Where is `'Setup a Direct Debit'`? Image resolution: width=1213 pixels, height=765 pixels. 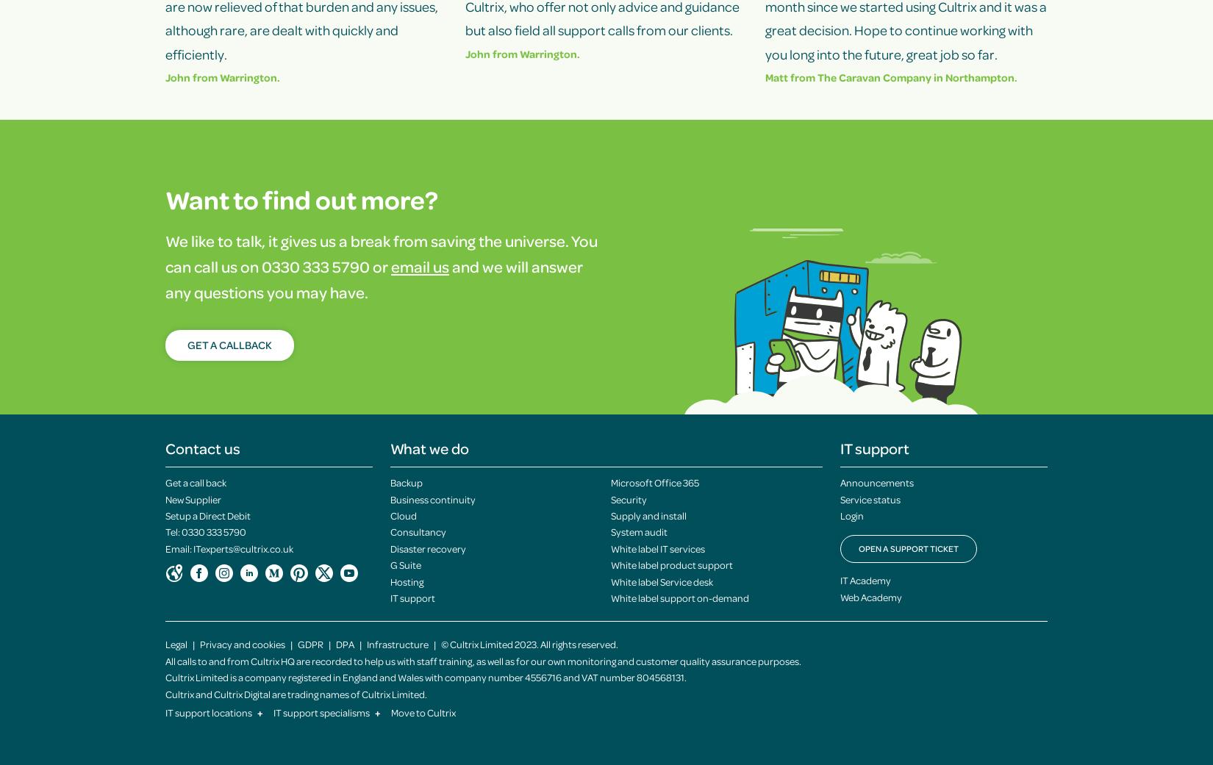 'Setup a Direct Debit' is located at coordinates (207, 514).